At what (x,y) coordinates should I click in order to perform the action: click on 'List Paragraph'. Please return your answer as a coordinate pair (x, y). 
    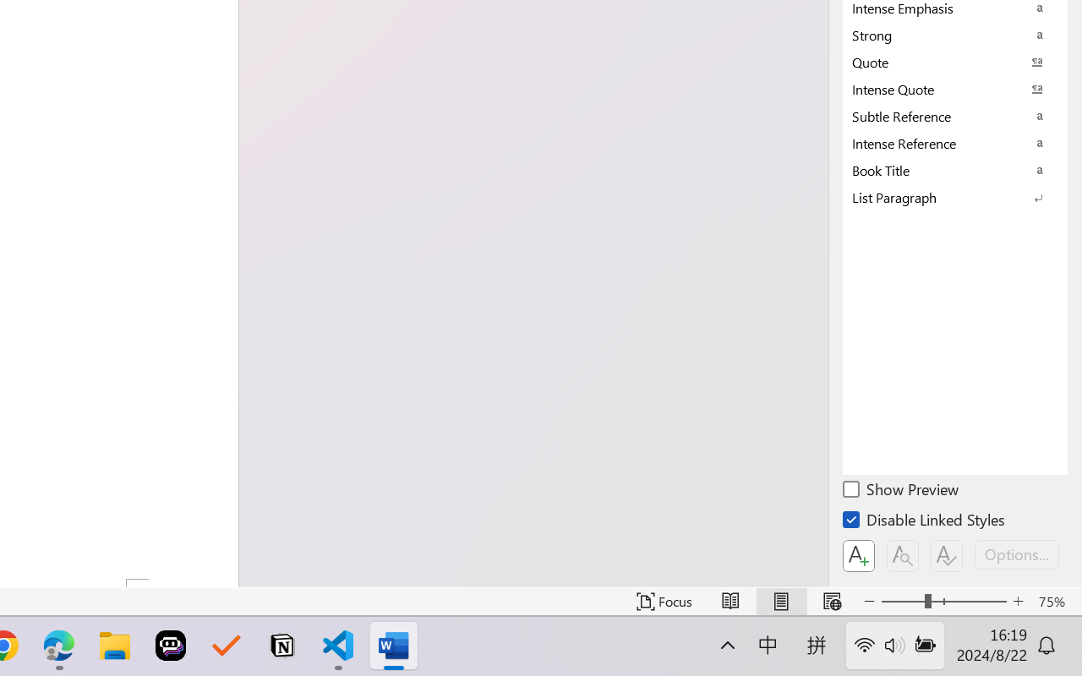
    Looking at the image, I should click on (955, 197).